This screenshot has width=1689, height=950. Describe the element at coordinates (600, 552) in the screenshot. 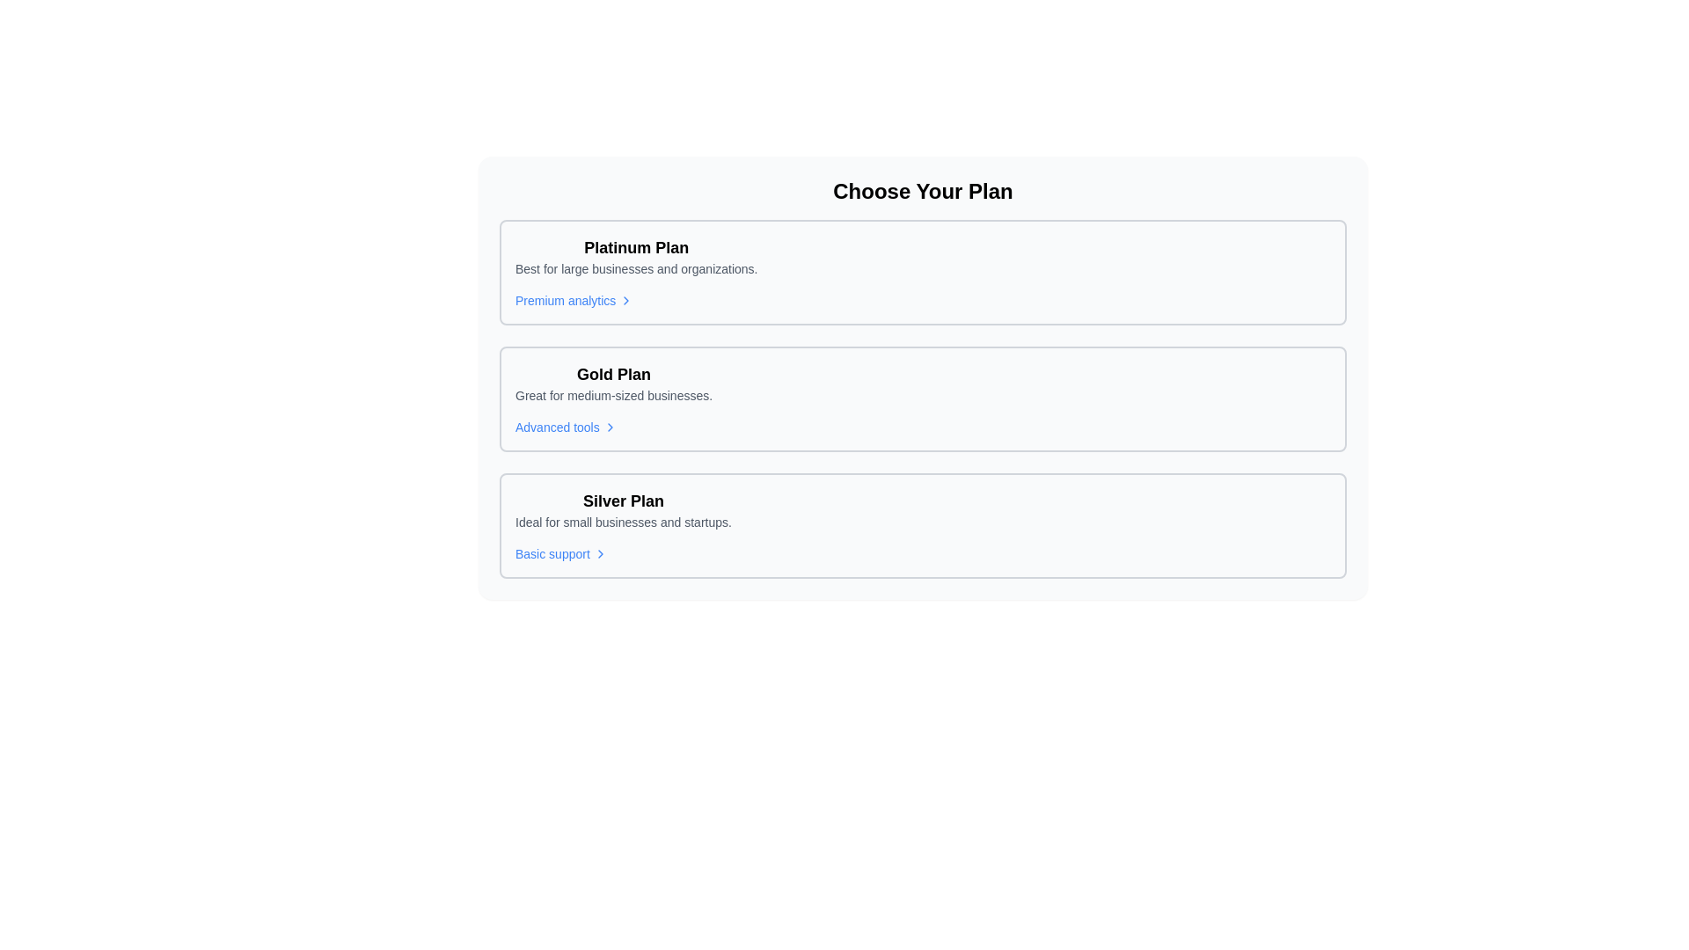

I see `the right-pointing chevron icon located next to the 'Basic support' text in the Silver Plan section` at that location.